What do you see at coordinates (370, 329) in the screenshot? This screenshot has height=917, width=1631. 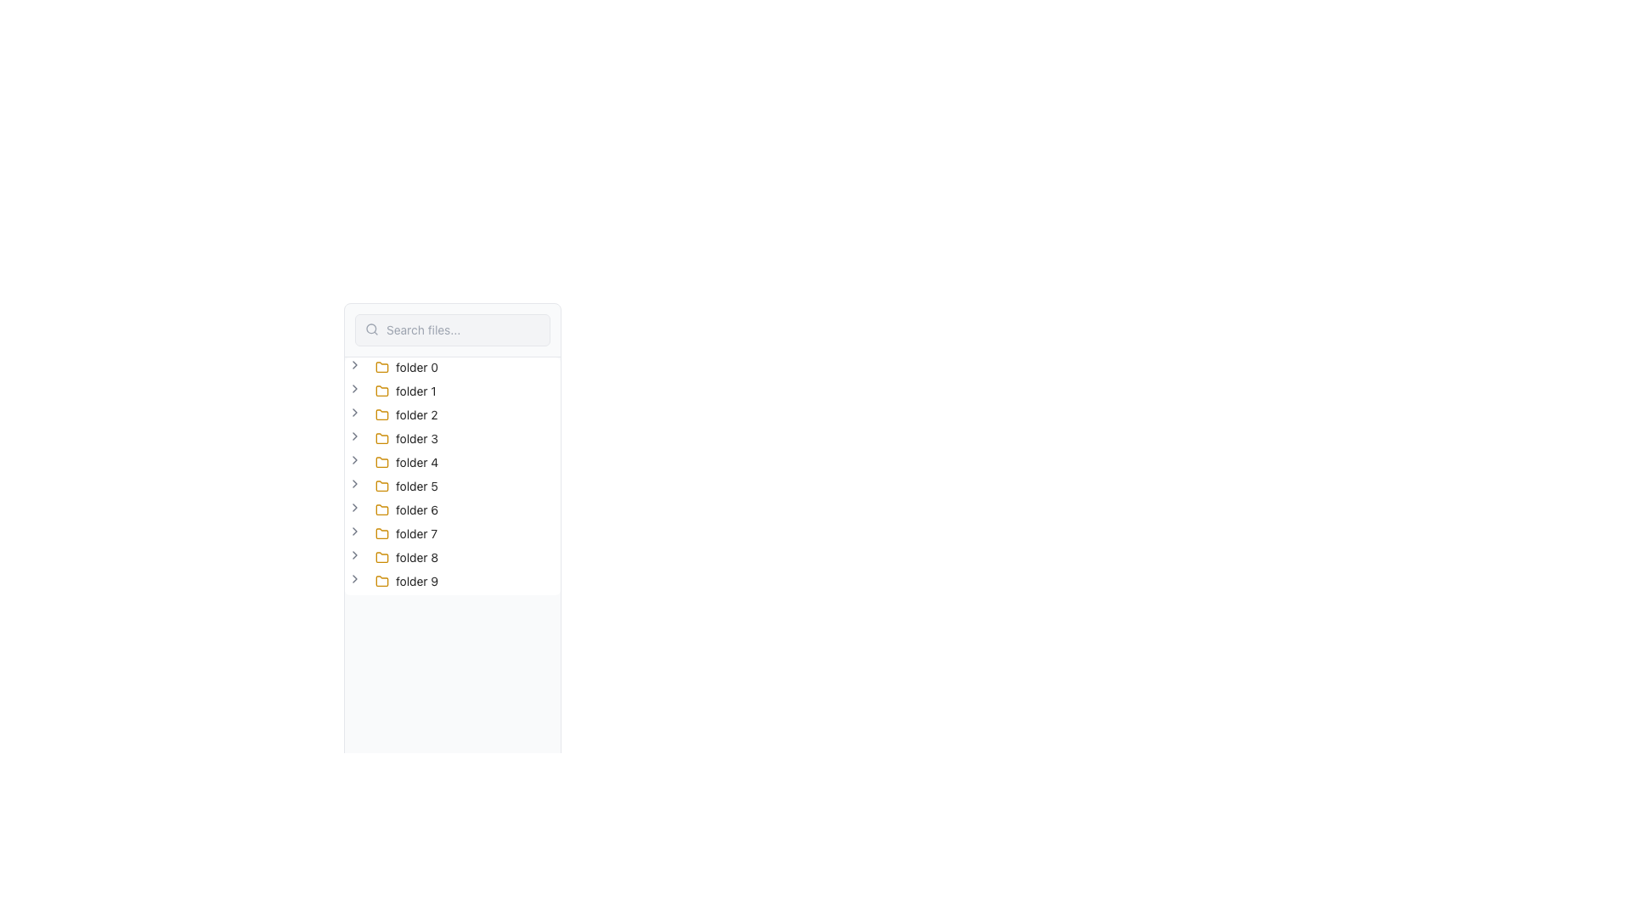 I see `the small gray search icon, represented as an outlined magnifying glass, located on the left side inside the horizontal search bar` at bounding box center [370, 329].